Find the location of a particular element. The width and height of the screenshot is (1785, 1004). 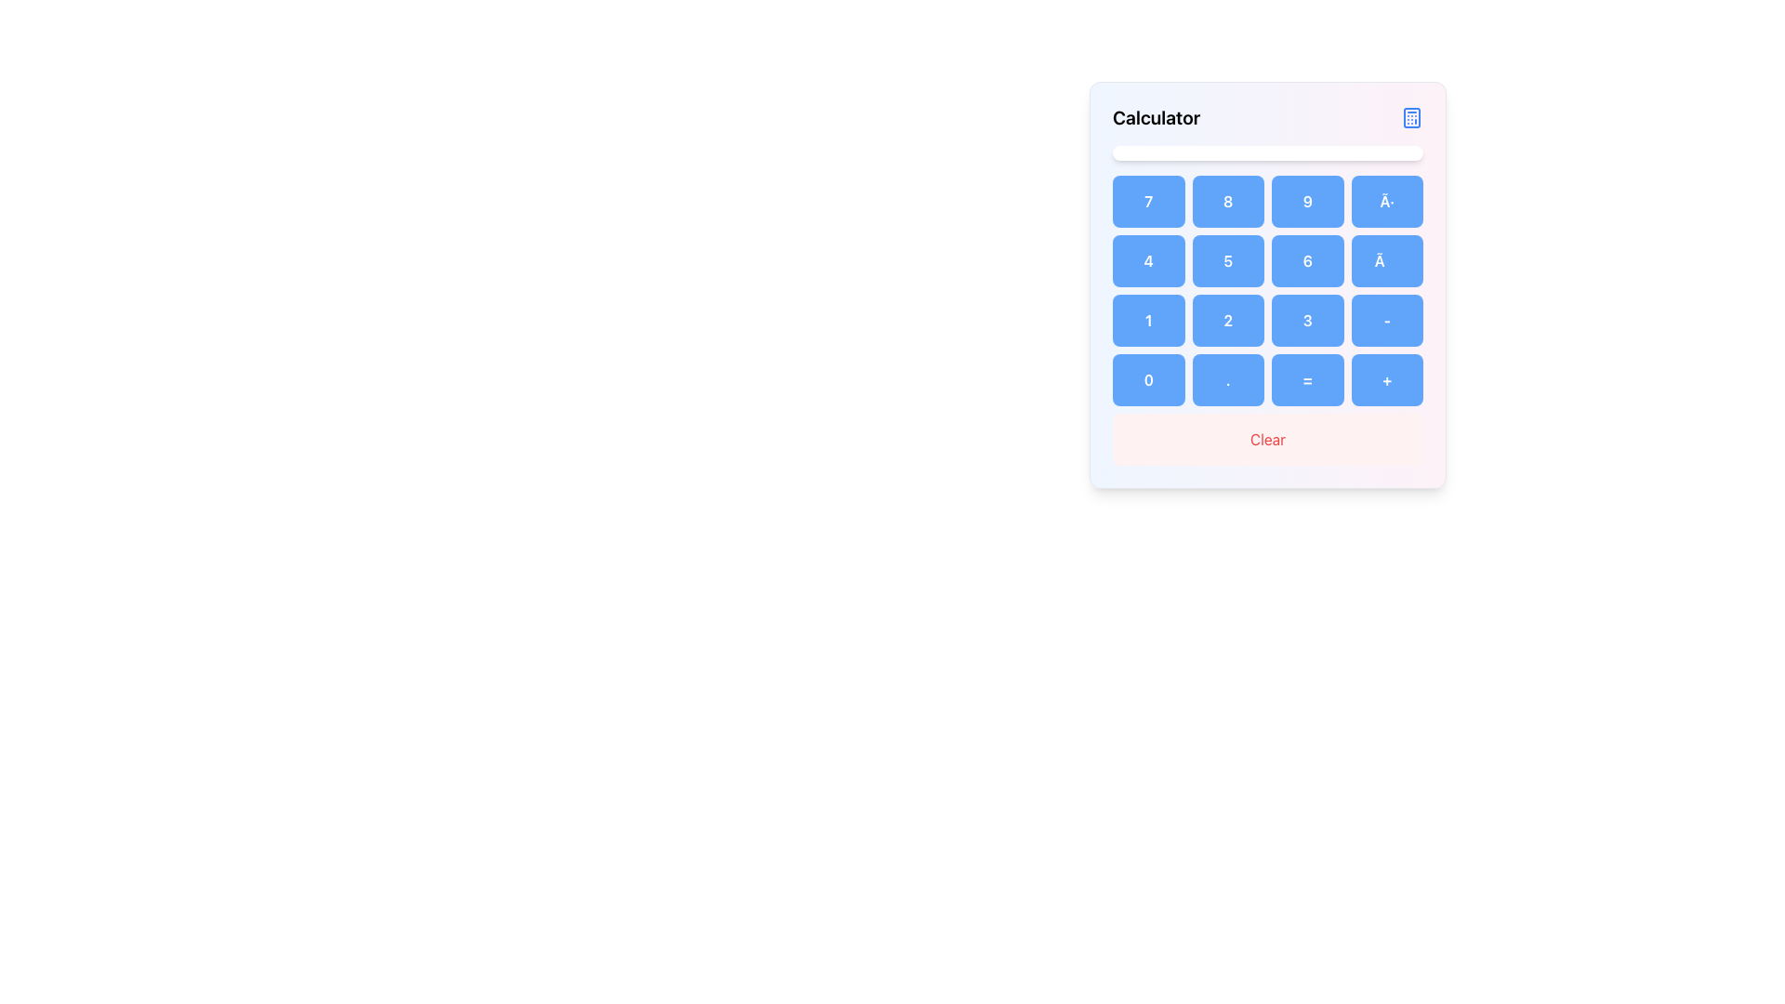

the square-shaped button with a blue background and white text displaying '9' to input the number '9' in the calculator interface is located at coordinates (1306, 201).